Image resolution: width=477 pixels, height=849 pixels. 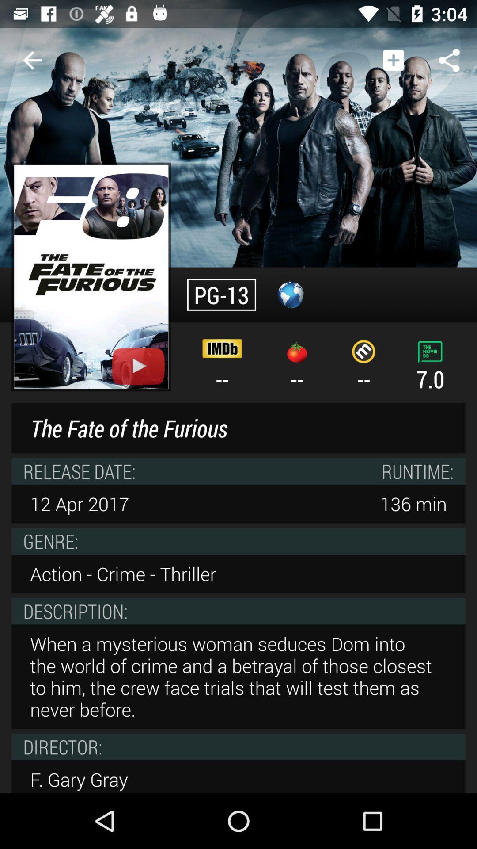 What do you see at coordinates (91, 276) in the screenshot?
I see `item to the left of --` at bounding box center [91, 276].